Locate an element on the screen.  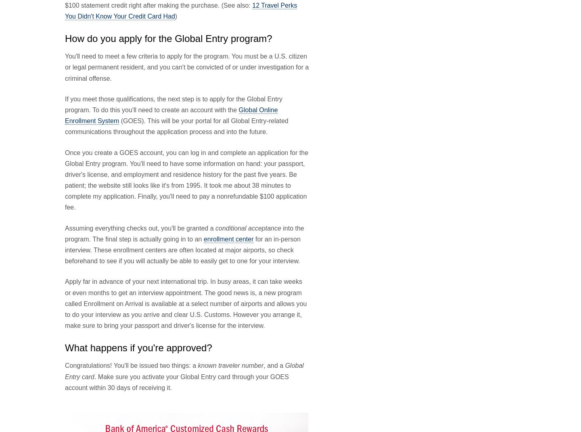
'Once you create a GOES account, you can log in and complete an application for the Global Entry program. You'll need to have some information on hand: your passport, driver's license, and employment and residence history for the past five years. Be patient; the website still looks like it's from 1995. It took me about 38 minutes to complete my application. Finally, you'll need to pay a nonrefundable $100 application fee.' is located at coordinates (186, 179).